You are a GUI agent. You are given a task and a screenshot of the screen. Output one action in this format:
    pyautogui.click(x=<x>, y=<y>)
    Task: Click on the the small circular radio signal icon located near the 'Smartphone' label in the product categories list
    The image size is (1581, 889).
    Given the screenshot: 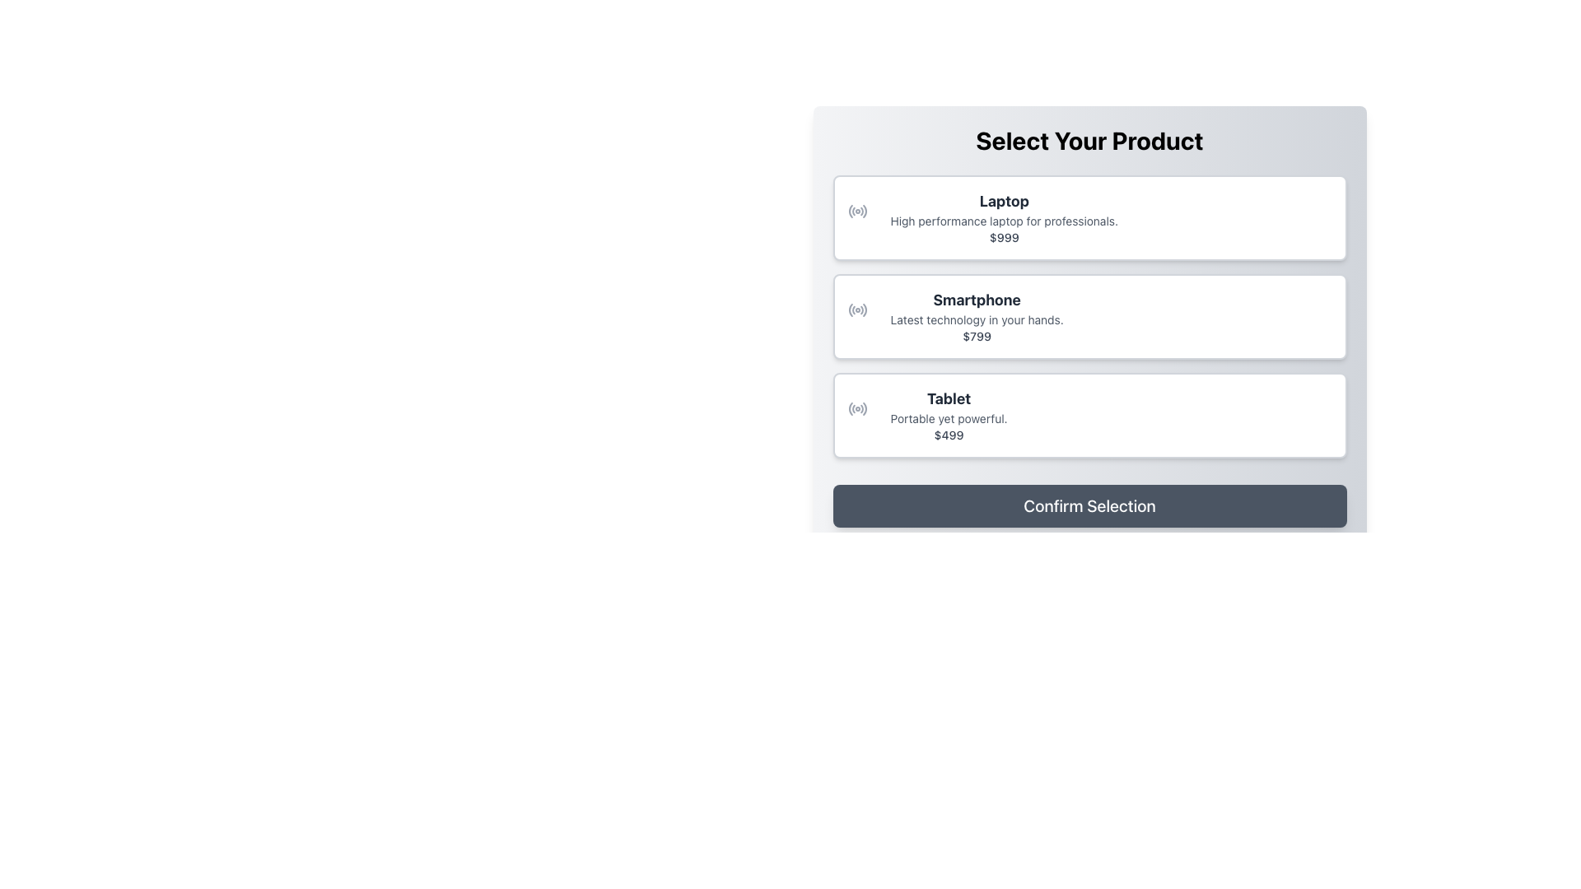 What is the action you would take?
    pyautogui.click(x=856, y=310)
    